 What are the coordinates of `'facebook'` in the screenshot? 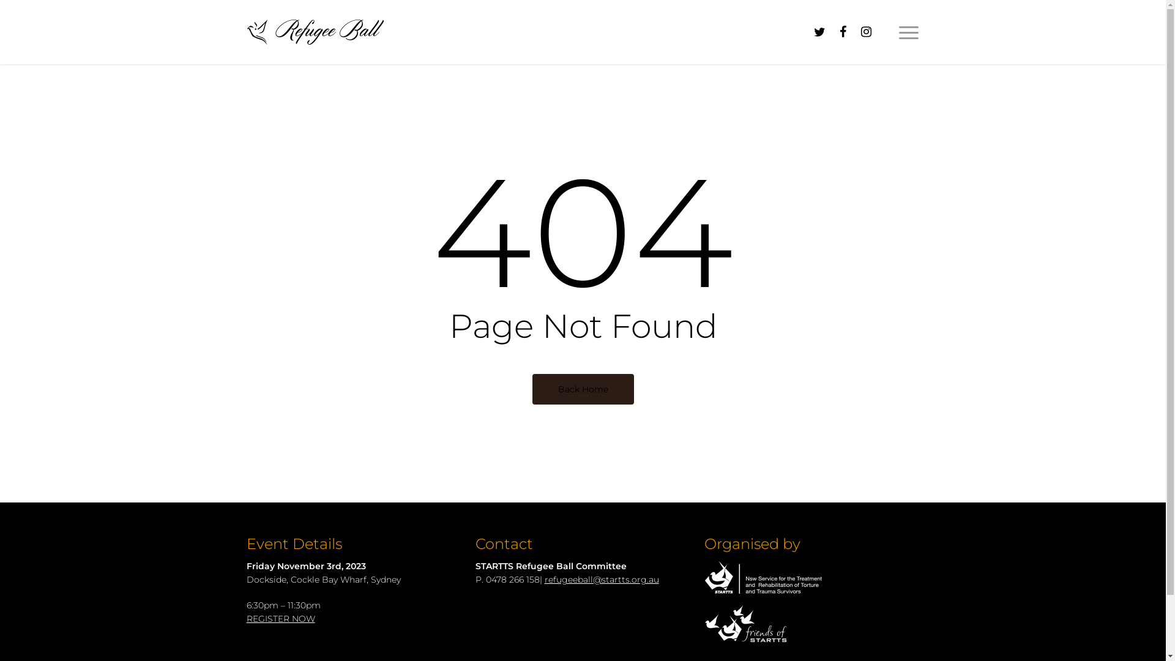 It's located at (842, 31).